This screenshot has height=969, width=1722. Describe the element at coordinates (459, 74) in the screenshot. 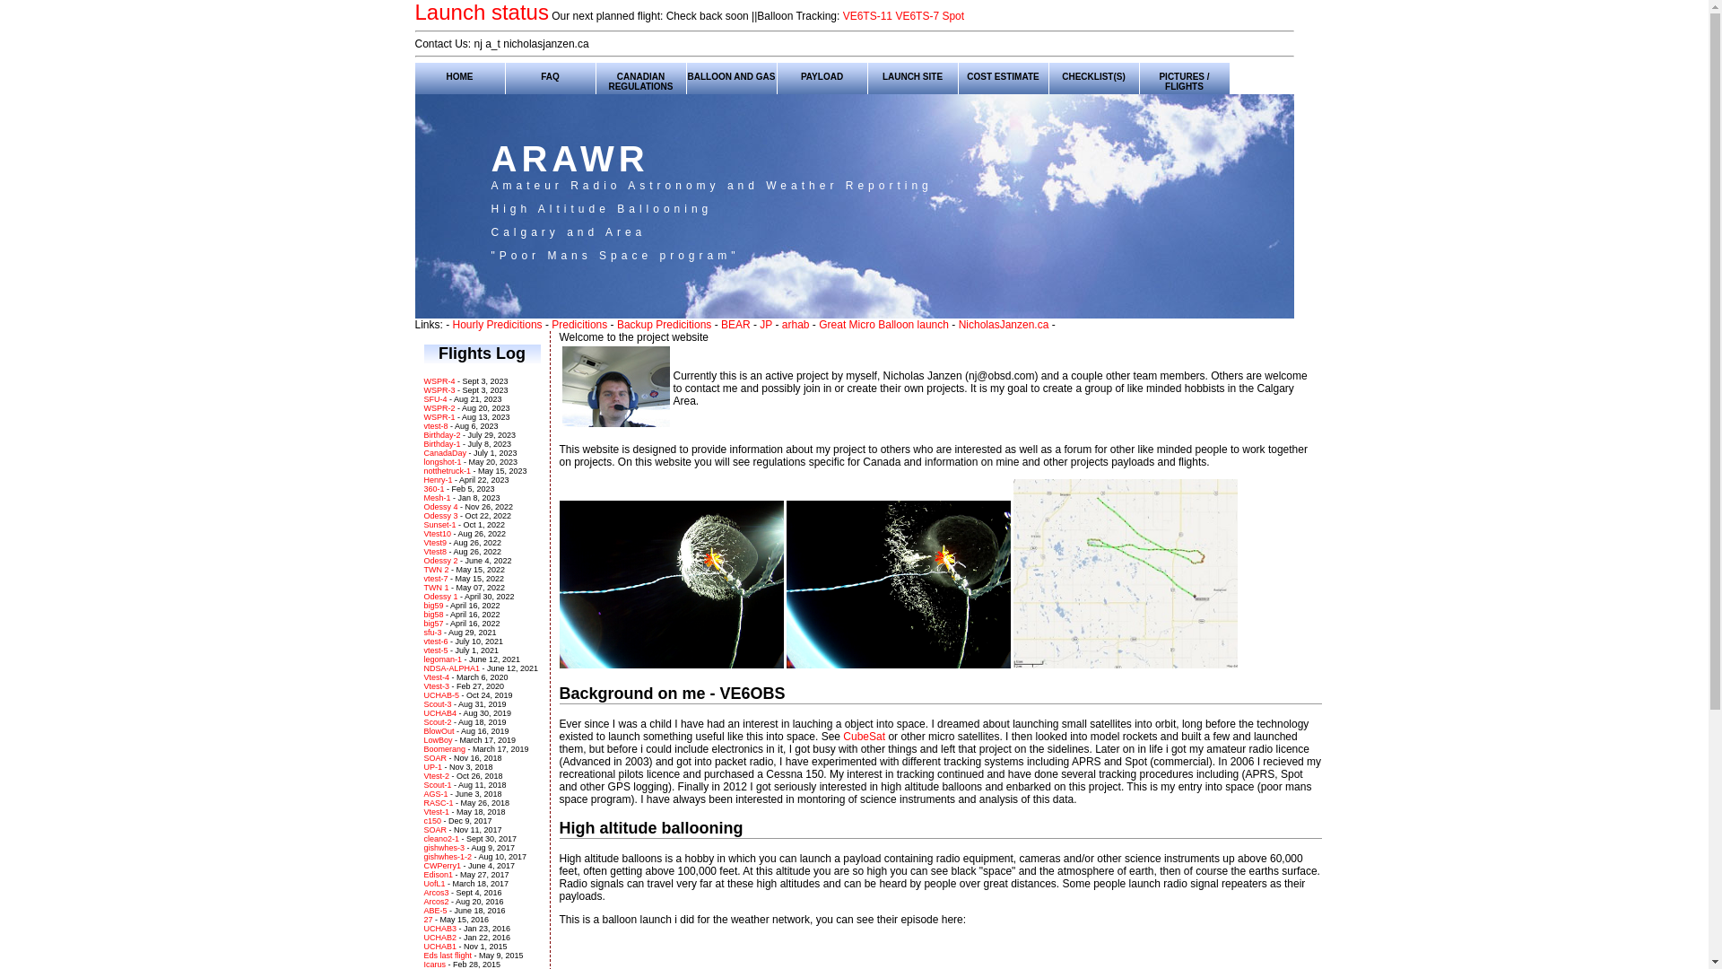

I see `'HOME'` at that location.